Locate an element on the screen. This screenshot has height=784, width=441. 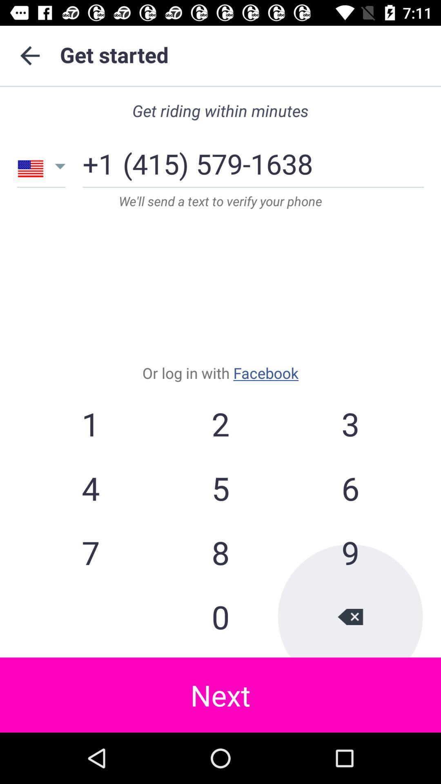
the 0 icon is located at coordinates (220, 617).